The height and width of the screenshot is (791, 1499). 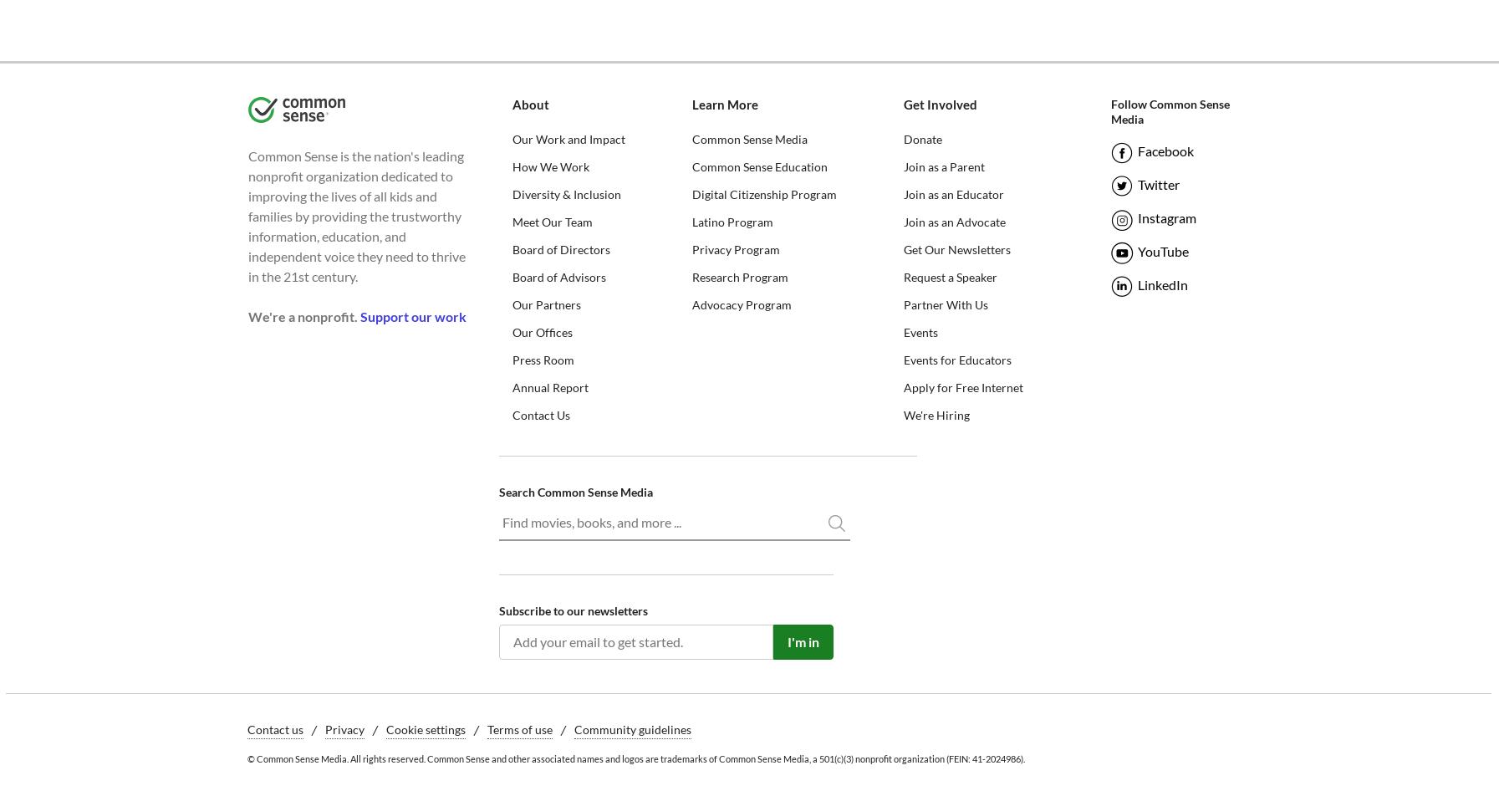 What do you see at coordinates (411, 316) in the screenshot?
I see `'Support our work'` at bounding box center [411, 316].